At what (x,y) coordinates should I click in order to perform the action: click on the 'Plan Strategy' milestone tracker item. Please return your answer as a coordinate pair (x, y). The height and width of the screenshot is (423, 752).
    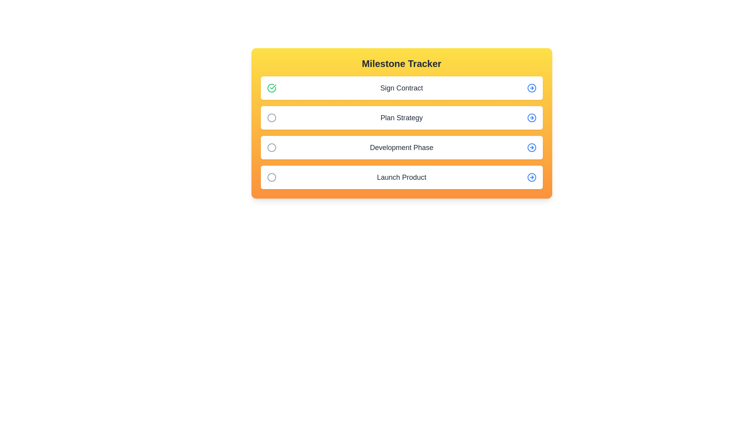
    Looking at the image, I should click on (401, 123).